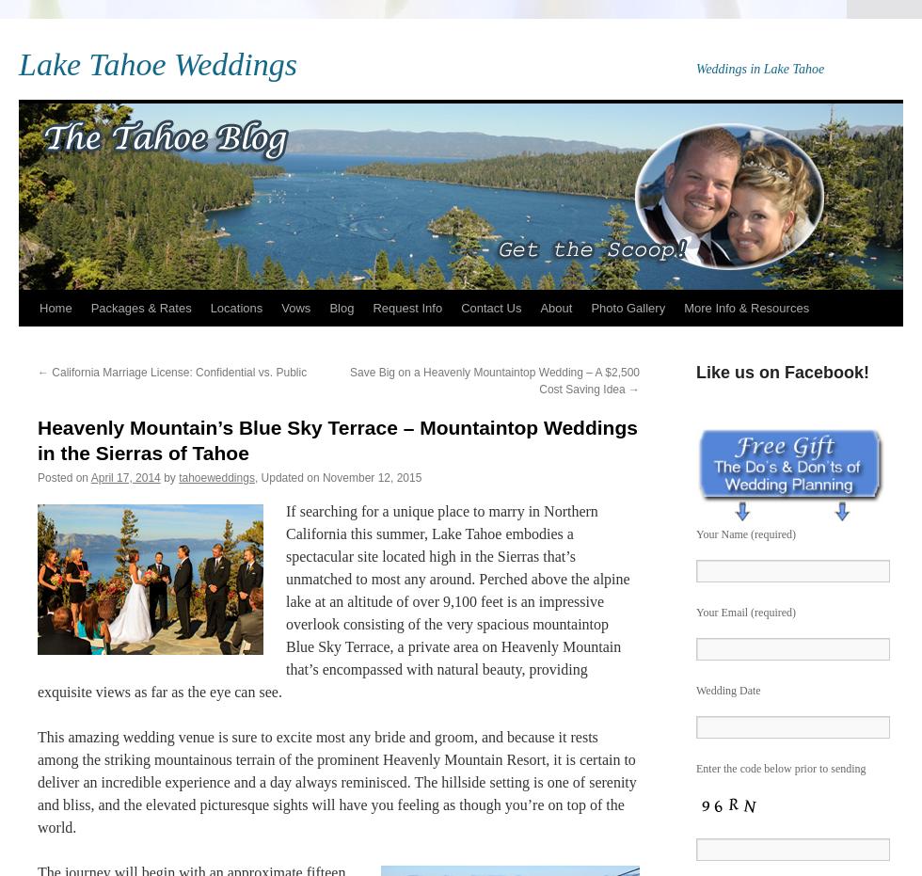  Describe the element at coordinates (216, 477) in the screenshot. I see `'tahoeweddings'` at that location.